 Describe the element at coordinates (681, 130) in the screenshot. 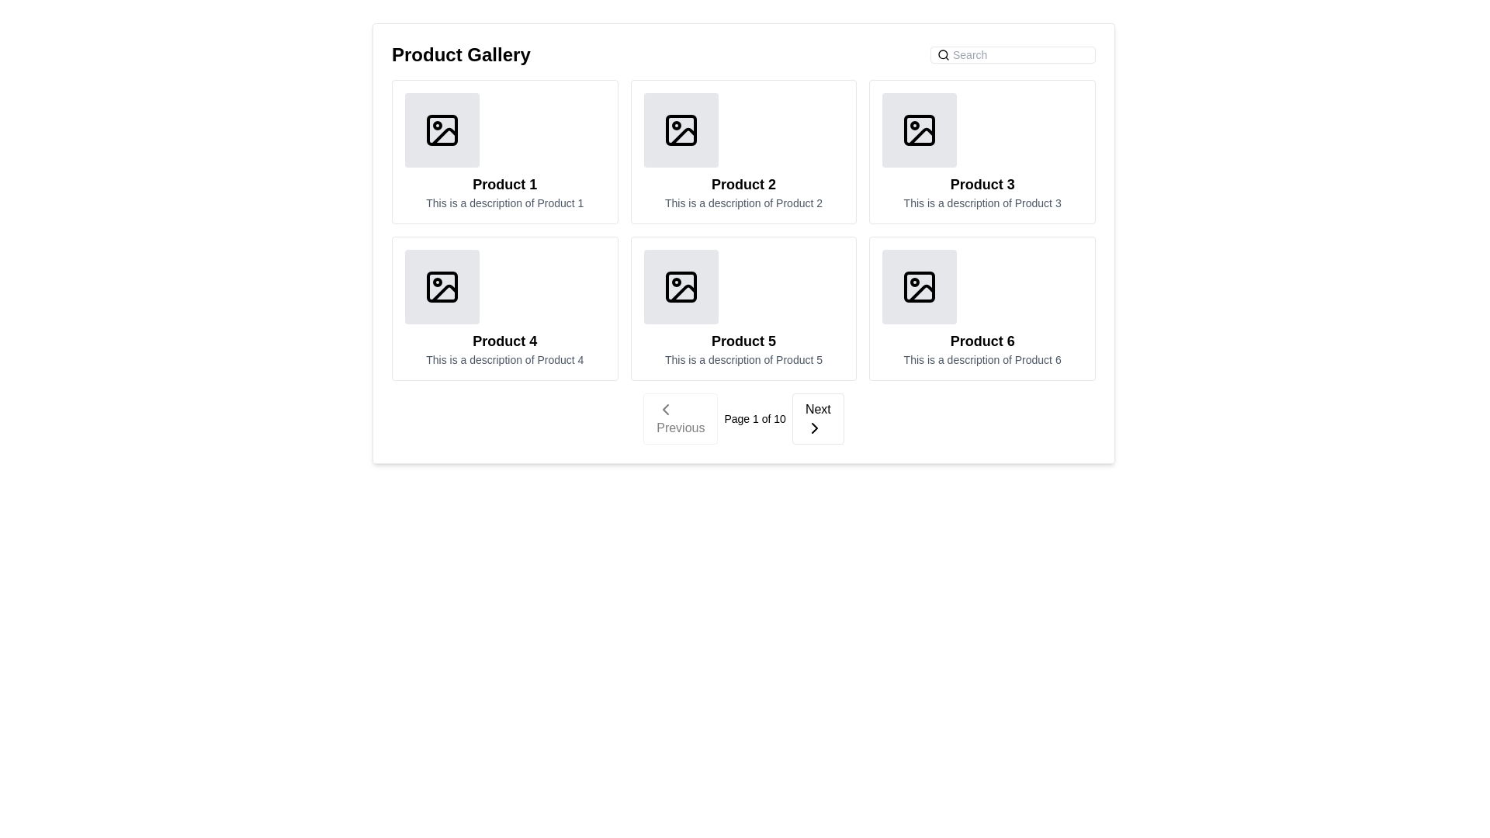

I see `the Image Placeholder Icon located in the second box of the first row in the grid layout labeled 'Product 2'` at that location.